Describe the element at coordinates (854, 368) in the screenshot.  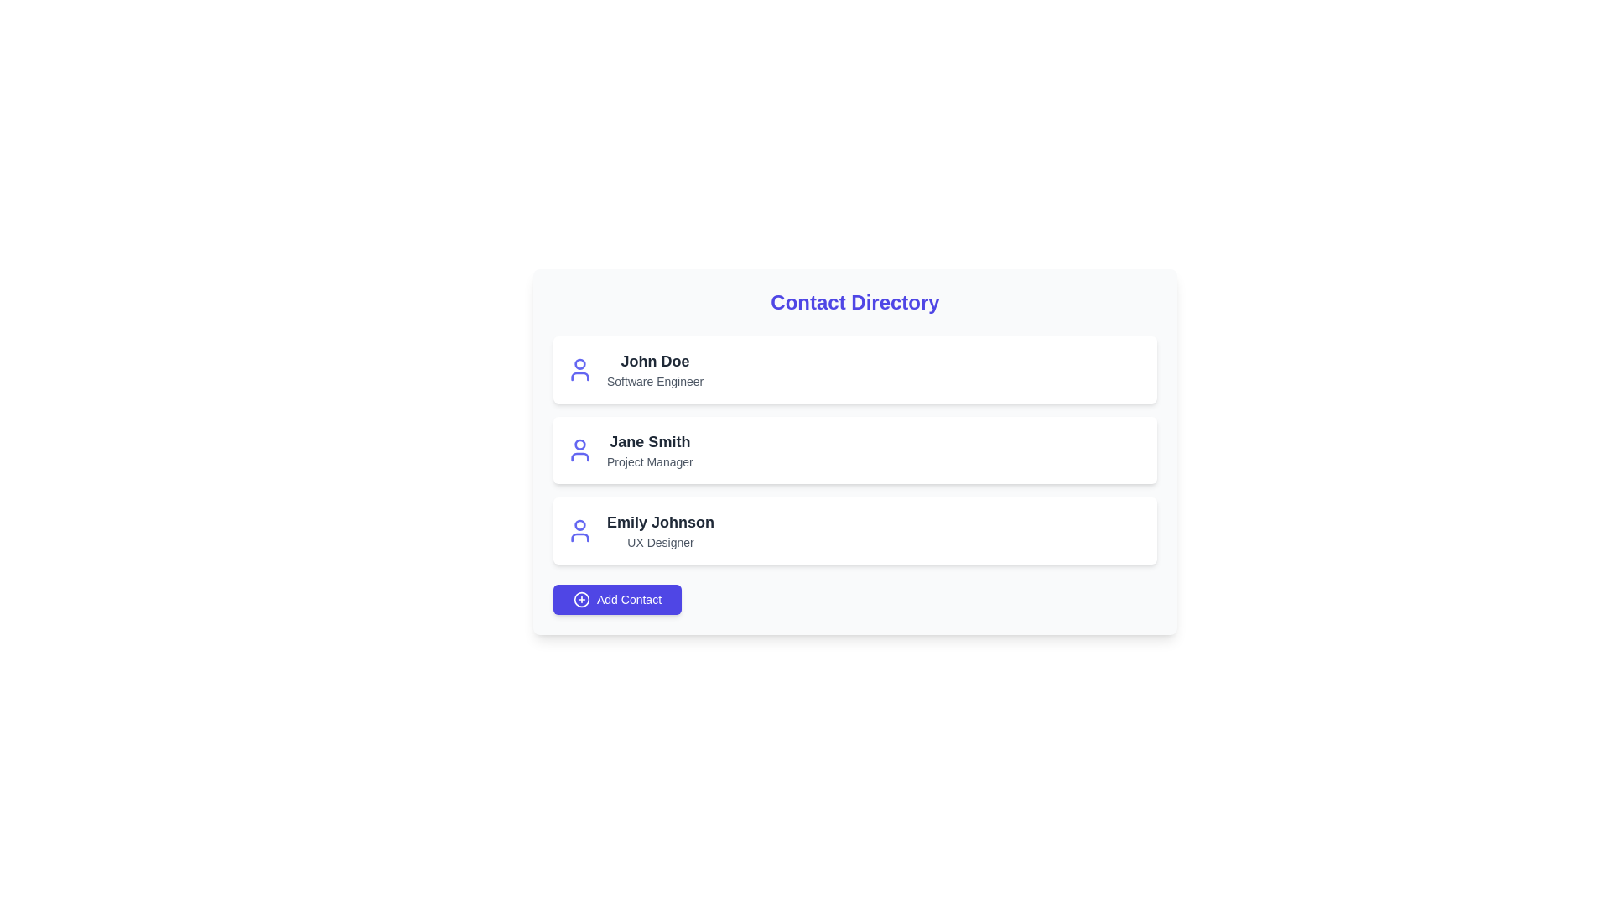
I see `the contact item corresponding to John Doe` at that location.